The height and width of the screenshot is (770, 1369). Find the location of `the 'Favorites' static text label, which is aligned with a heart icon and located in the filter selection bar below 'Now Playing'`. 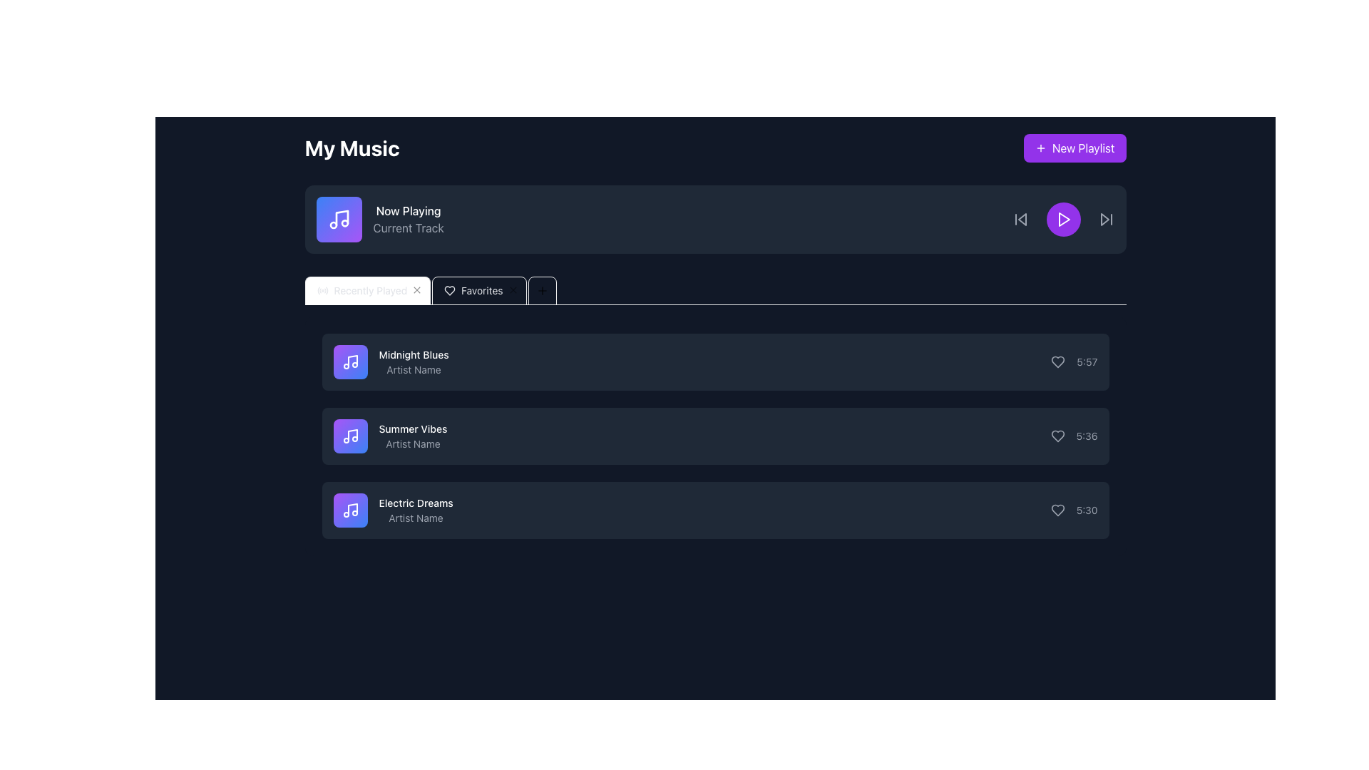

the 'Favorites' static text label, which is aligned with a heart icon and located in the filter selection bar below 'Now Playing' is located at coordinates (482, 290).